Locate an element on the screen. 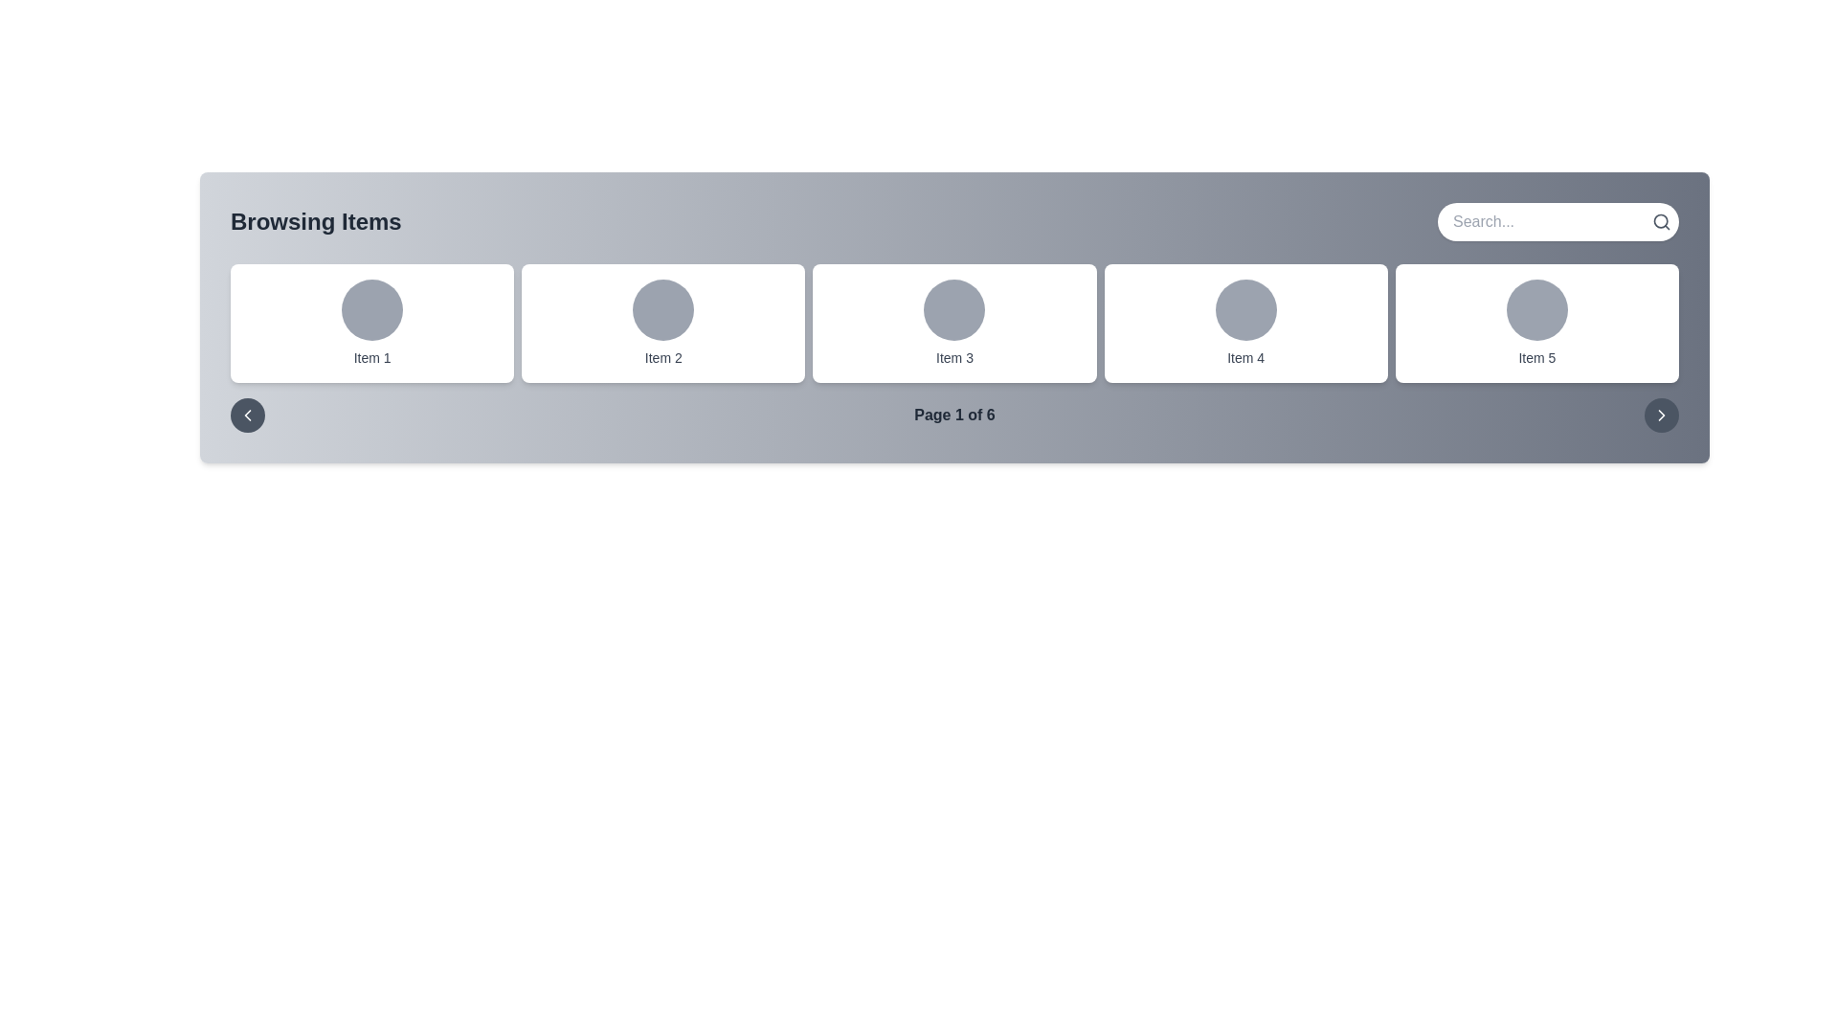 This screenshot has width=1838, height=1034. the right-facing chevron arrow icon inside the circular navigation button at the bottom-right corner of the panel is located at coordinates (1661, 415).